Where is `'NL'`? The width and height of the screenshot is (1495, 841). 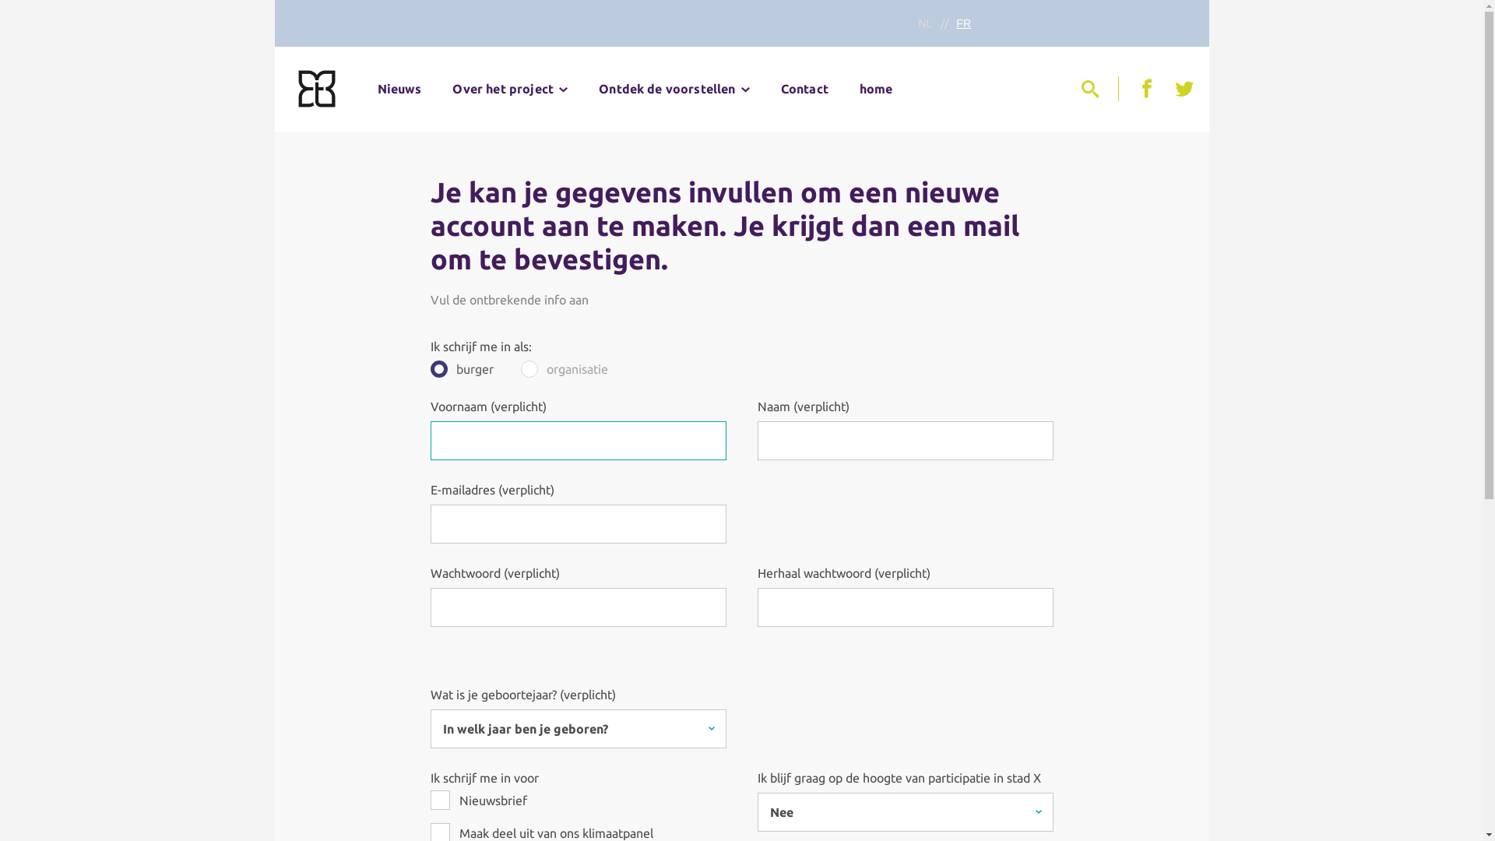
'NL' is located at coordinates (925, 23).